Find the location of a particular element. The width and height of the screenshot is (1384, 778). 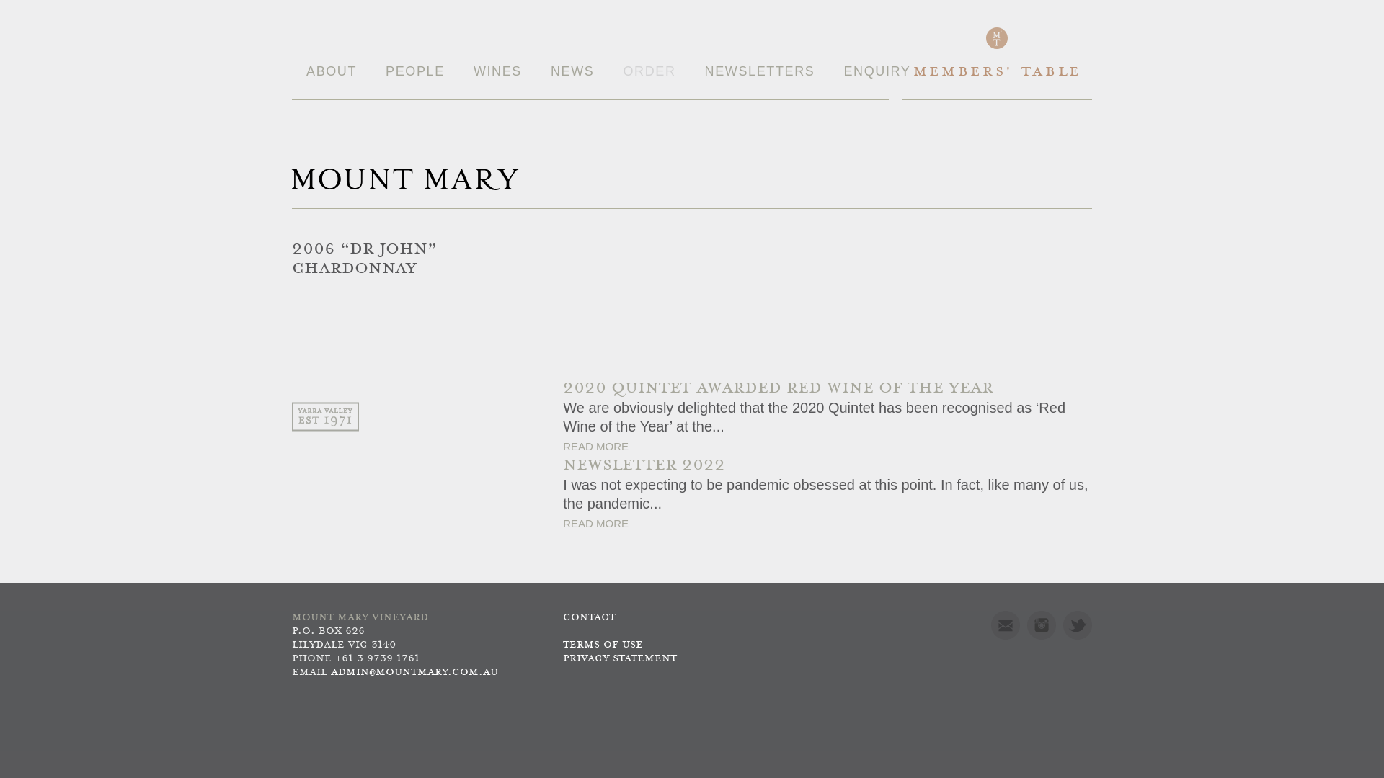

'CONTACT' is located at coordinates (589, 617).